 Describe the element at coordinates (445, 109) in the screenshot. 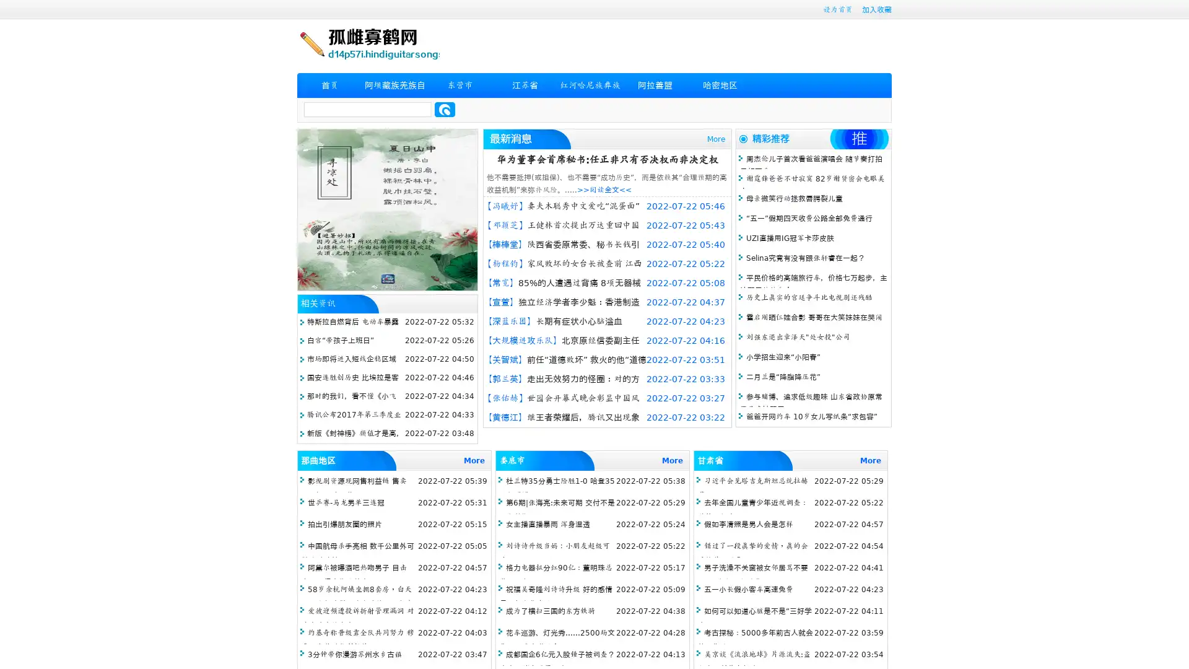

I see `Search` at that location.